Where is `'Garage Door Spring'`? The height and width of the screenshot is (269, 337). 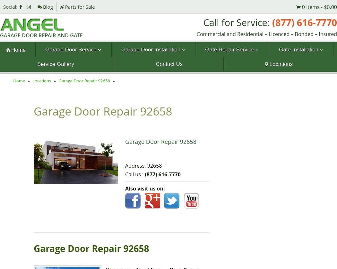
'Garage Door Spring' is located at coordinates (66, 64).